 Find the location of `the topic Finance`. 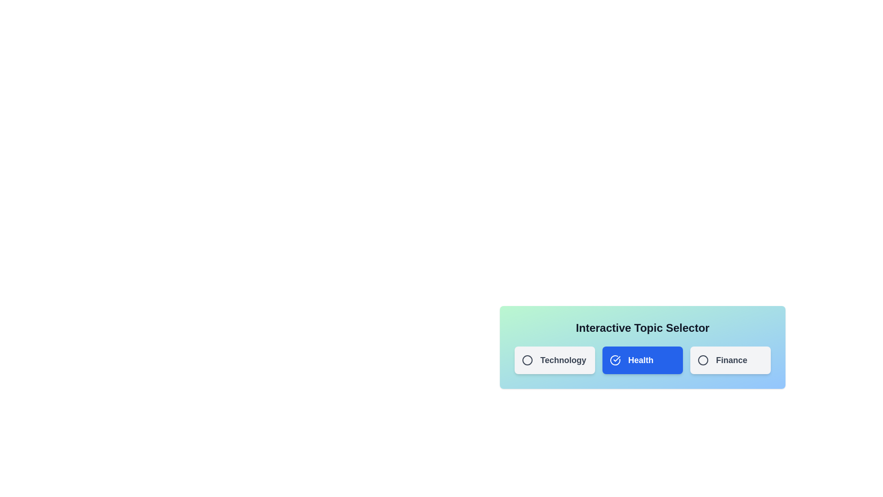

the topic Finance is located at coordinates (730, 360).